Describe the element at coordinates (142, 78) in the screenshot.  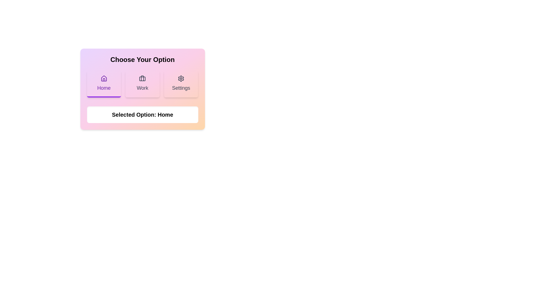
I see `the 'Work' icon, which resembles a briefcase and is located in the second button of a row labeled 'Home', 'Work', and 'Settings'` at that location.